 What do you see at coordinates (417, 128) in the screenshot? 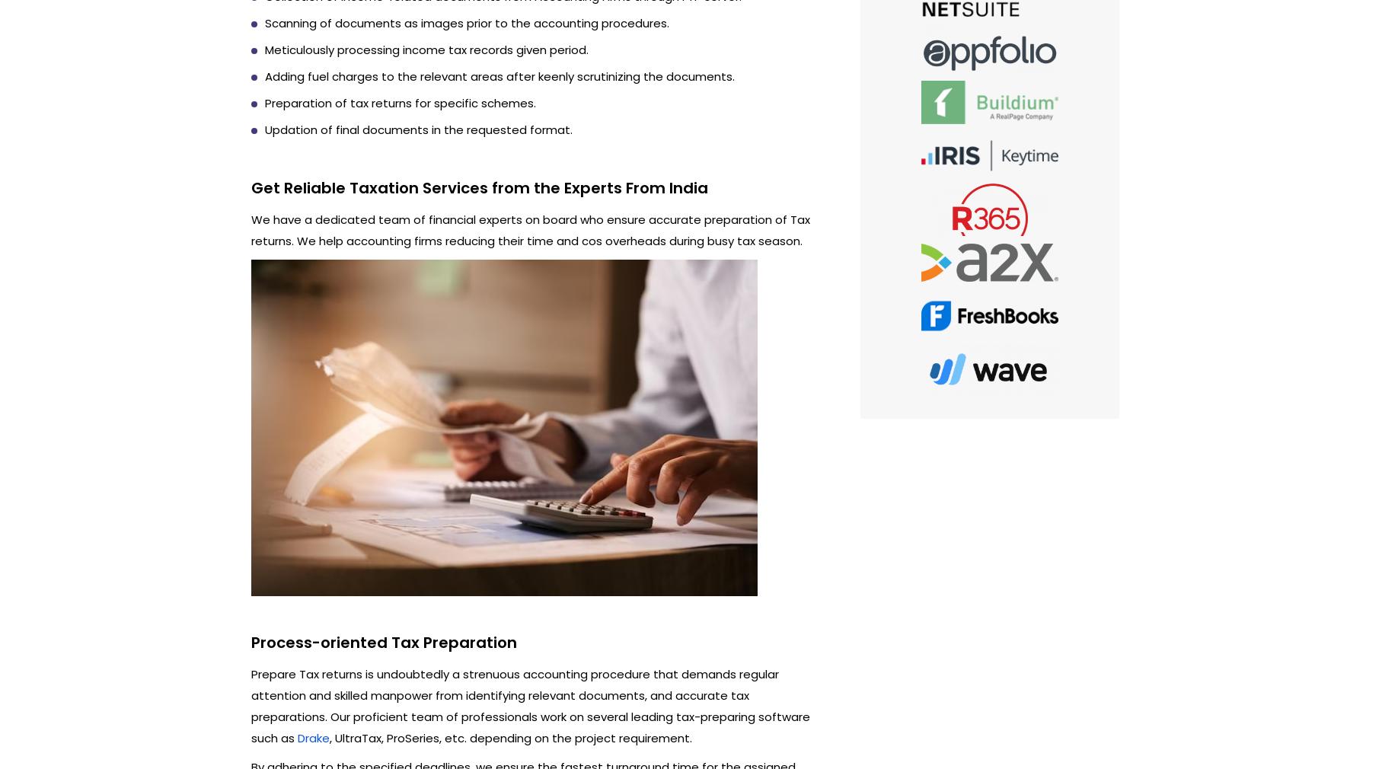
I see `'Updation of final documents in the requested format.'` at bounding box center [417, 128].